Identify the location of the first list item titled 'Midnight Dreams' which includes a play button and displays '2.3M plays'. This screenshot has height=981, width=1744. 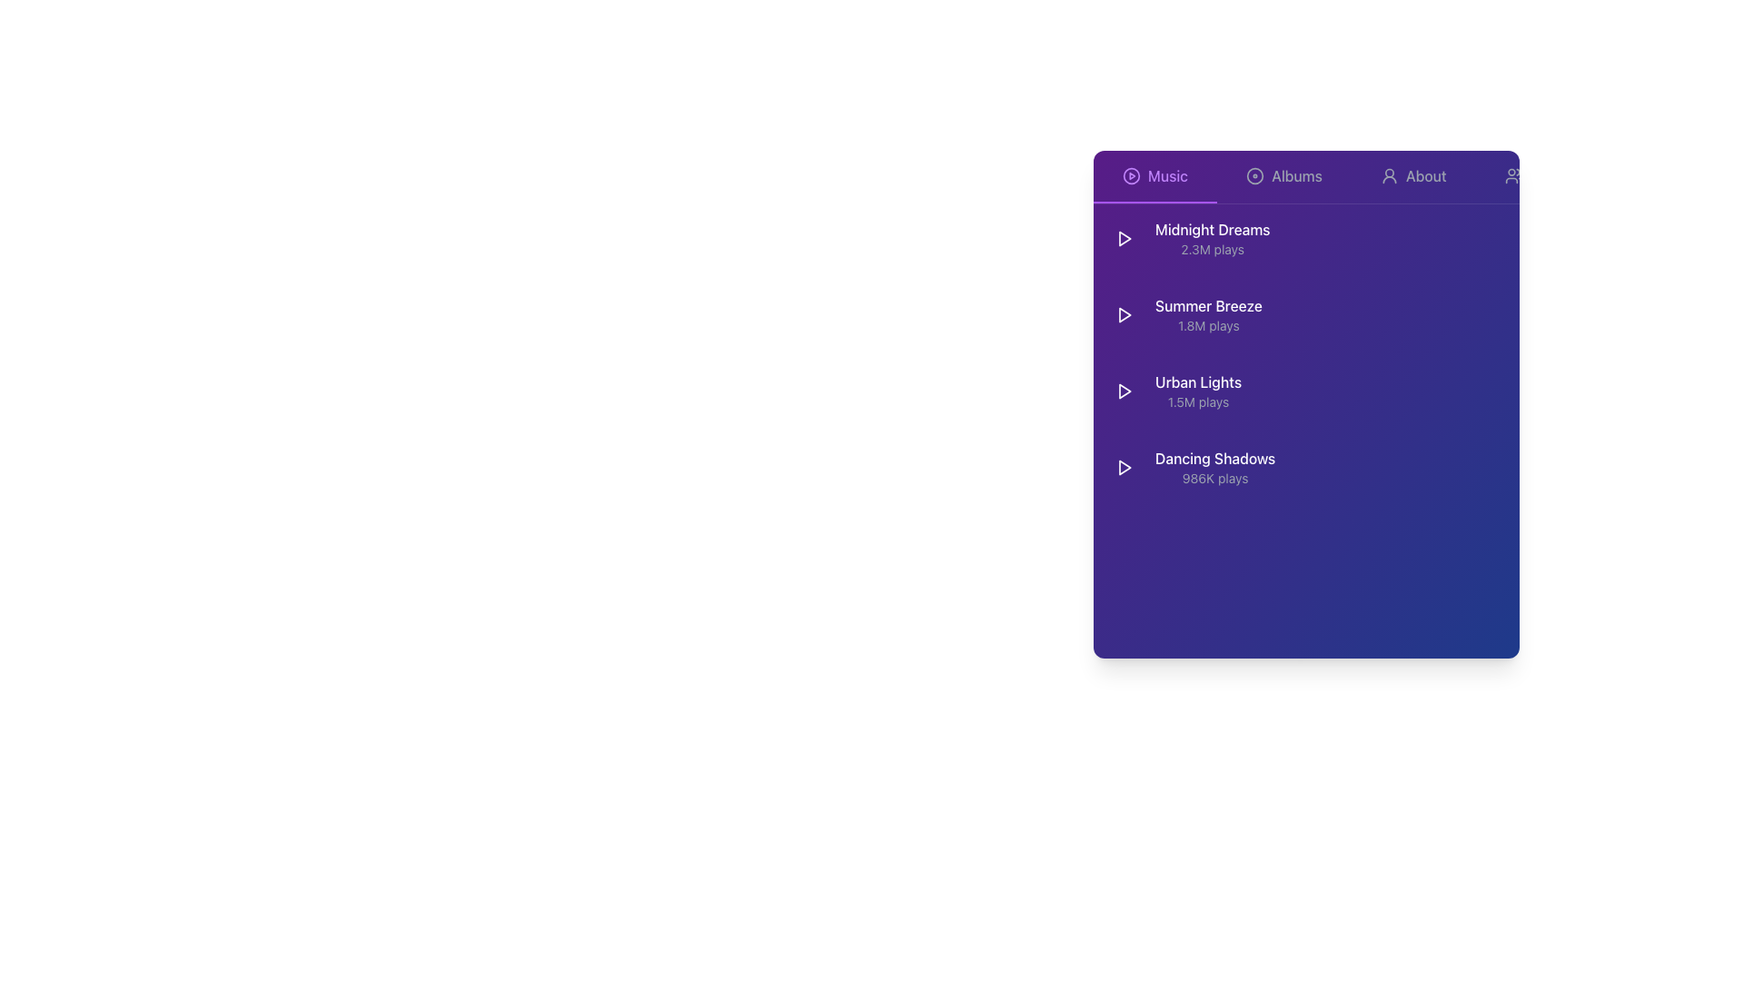
(1189, 237).